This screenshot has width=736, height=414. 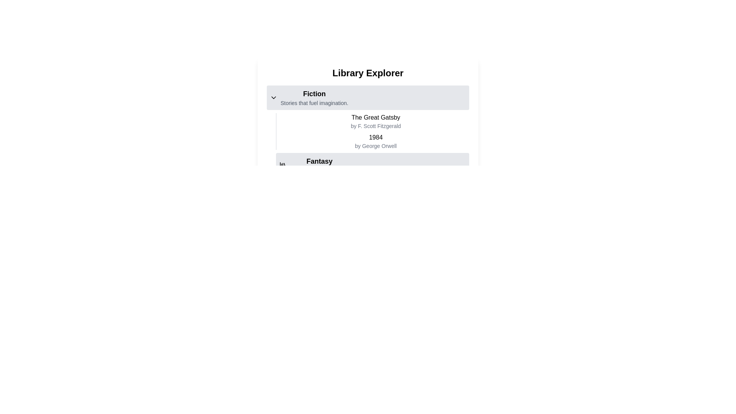 What do you see at coordinates (274, 97) in the screenshot?
I see `the small, down-pointing chevron icon indicating dropdown functionality located to the left of the 'Fiction' text` at bounding box center [274, 97].